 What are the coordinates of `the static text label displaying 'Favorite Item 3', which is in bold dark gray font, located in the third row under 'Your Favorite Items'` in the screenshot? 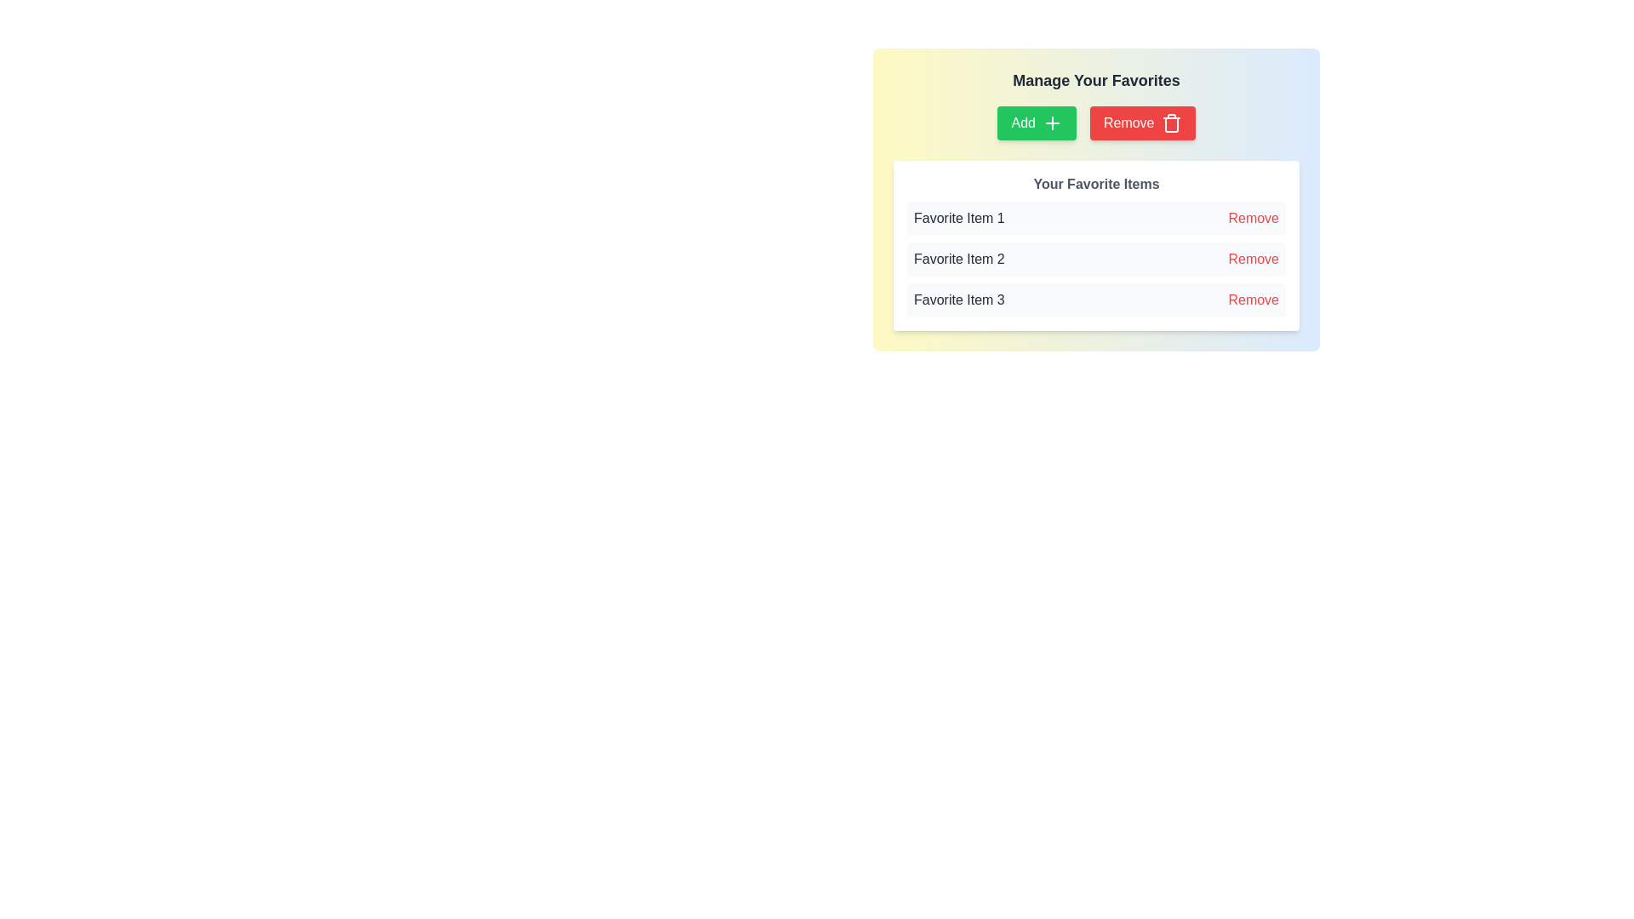 It's located at (959, 300).